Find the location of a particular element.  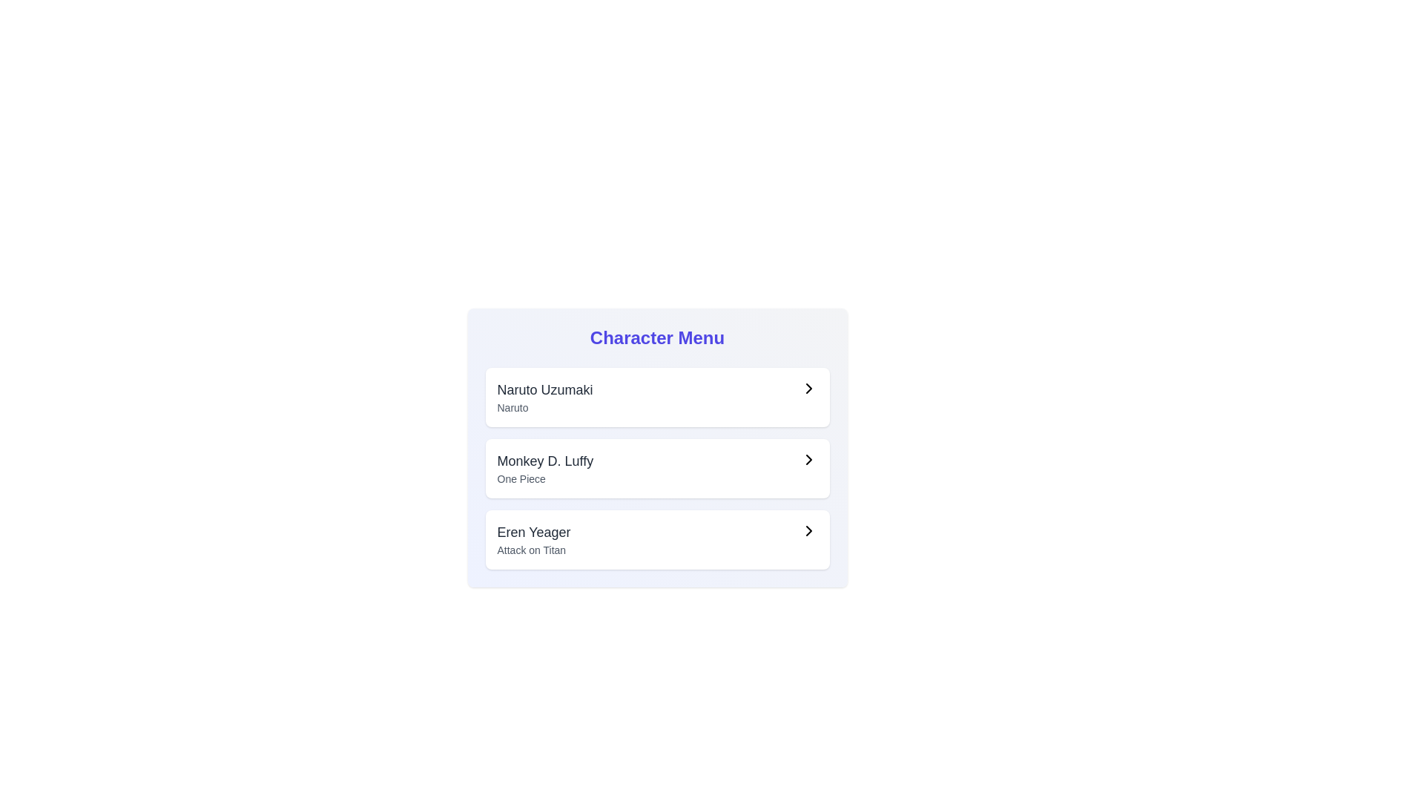

the chevron icon on the far-right side of the row containing 'Monkey D. Luffy' and 'One Piece' is located at coordinates (808, 459).